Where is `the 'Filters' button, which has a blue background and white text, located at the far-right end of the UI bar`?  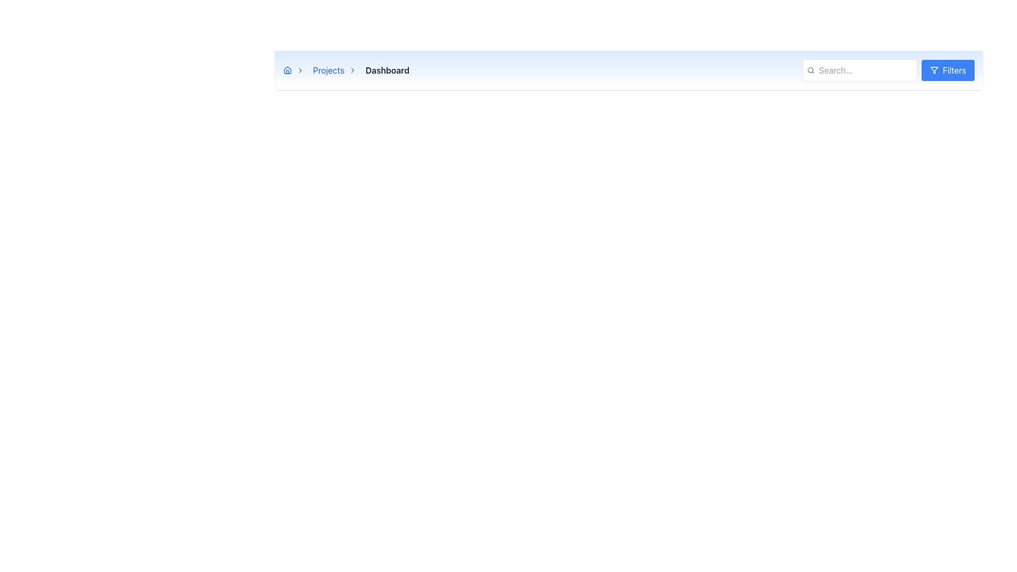 the 'Filters' button, which has a blue background and white text, located at the far-right end of the UI bar is located at coordinates (948, 70).